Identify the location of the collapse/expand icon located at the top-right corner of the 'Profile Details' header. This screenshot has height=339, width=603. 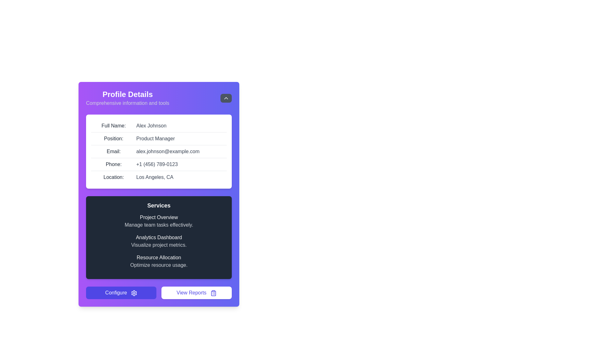
(226, 98).